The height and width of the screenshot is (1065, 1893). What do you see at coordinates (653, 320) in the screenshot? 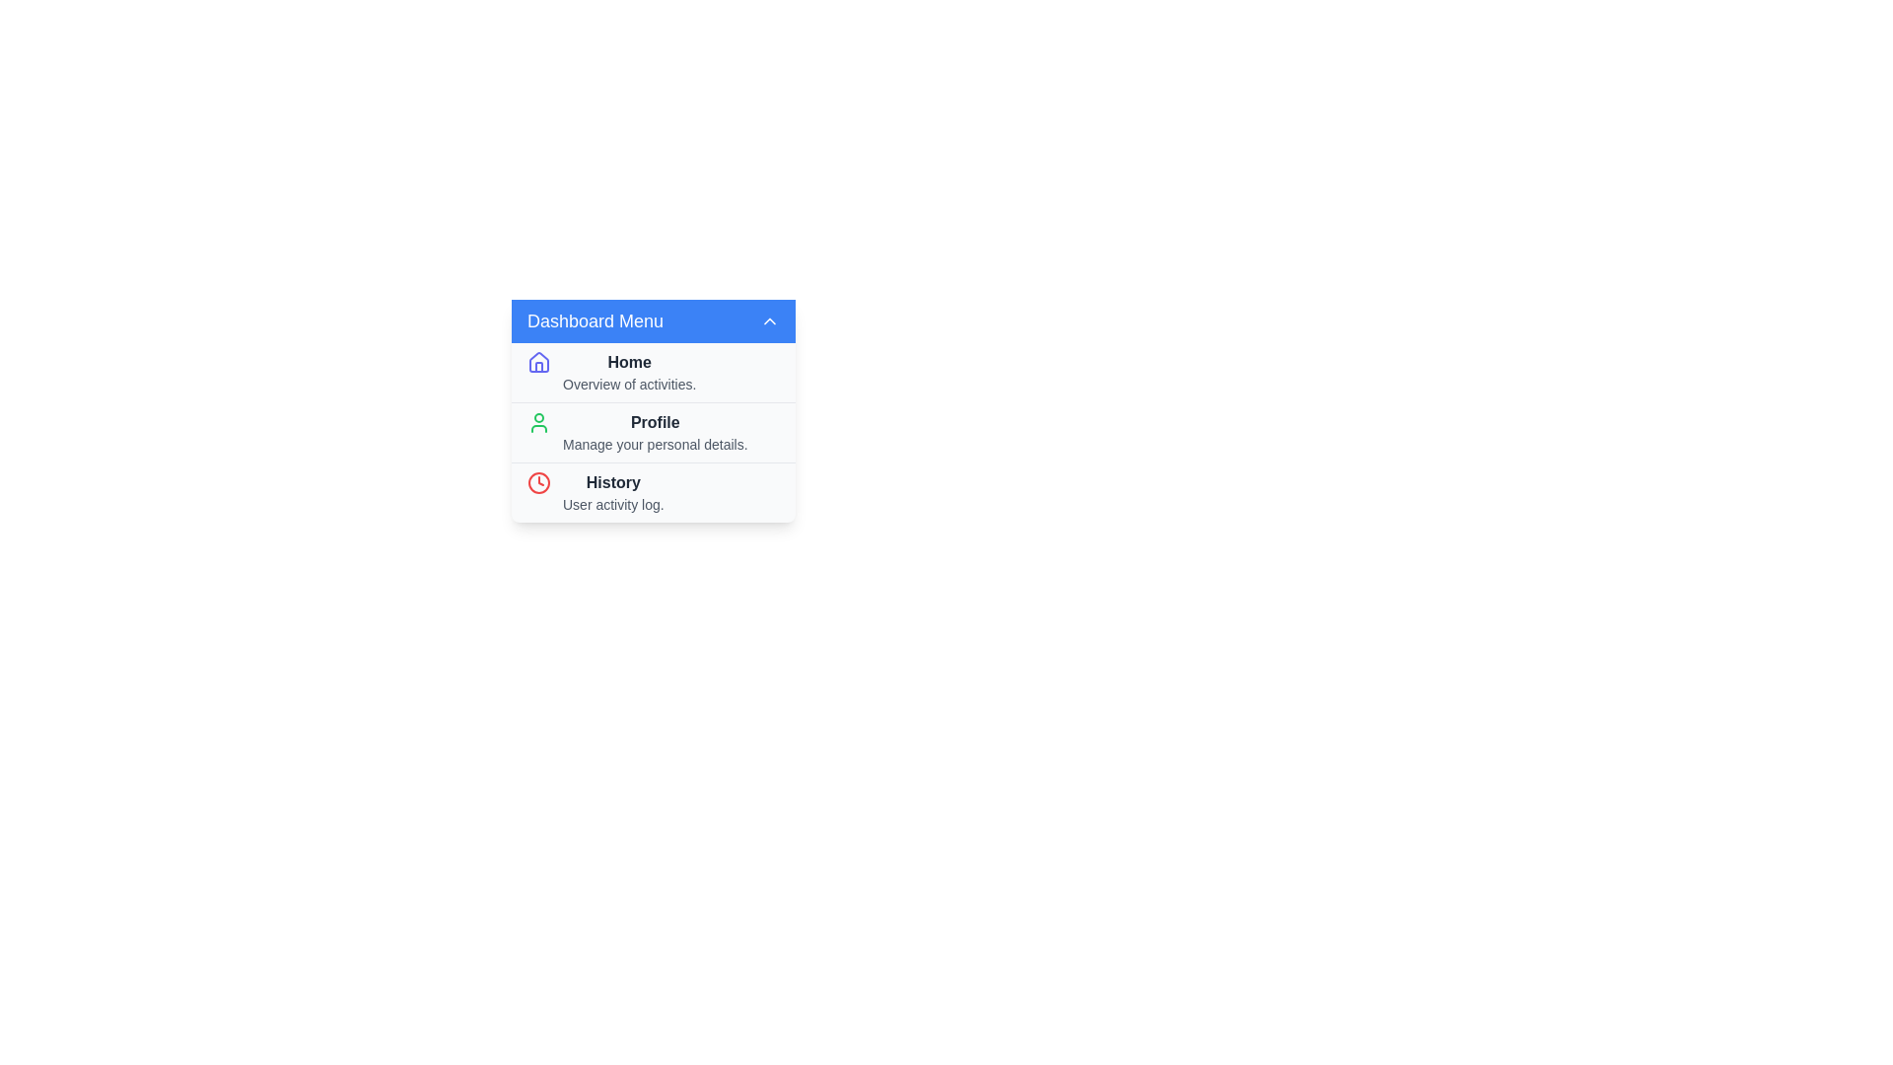
I see `the Collapsible Menu Header` at bounding box center [653, 320].